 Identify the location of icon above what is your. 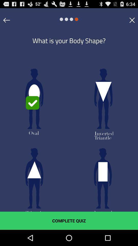
(132, 20).